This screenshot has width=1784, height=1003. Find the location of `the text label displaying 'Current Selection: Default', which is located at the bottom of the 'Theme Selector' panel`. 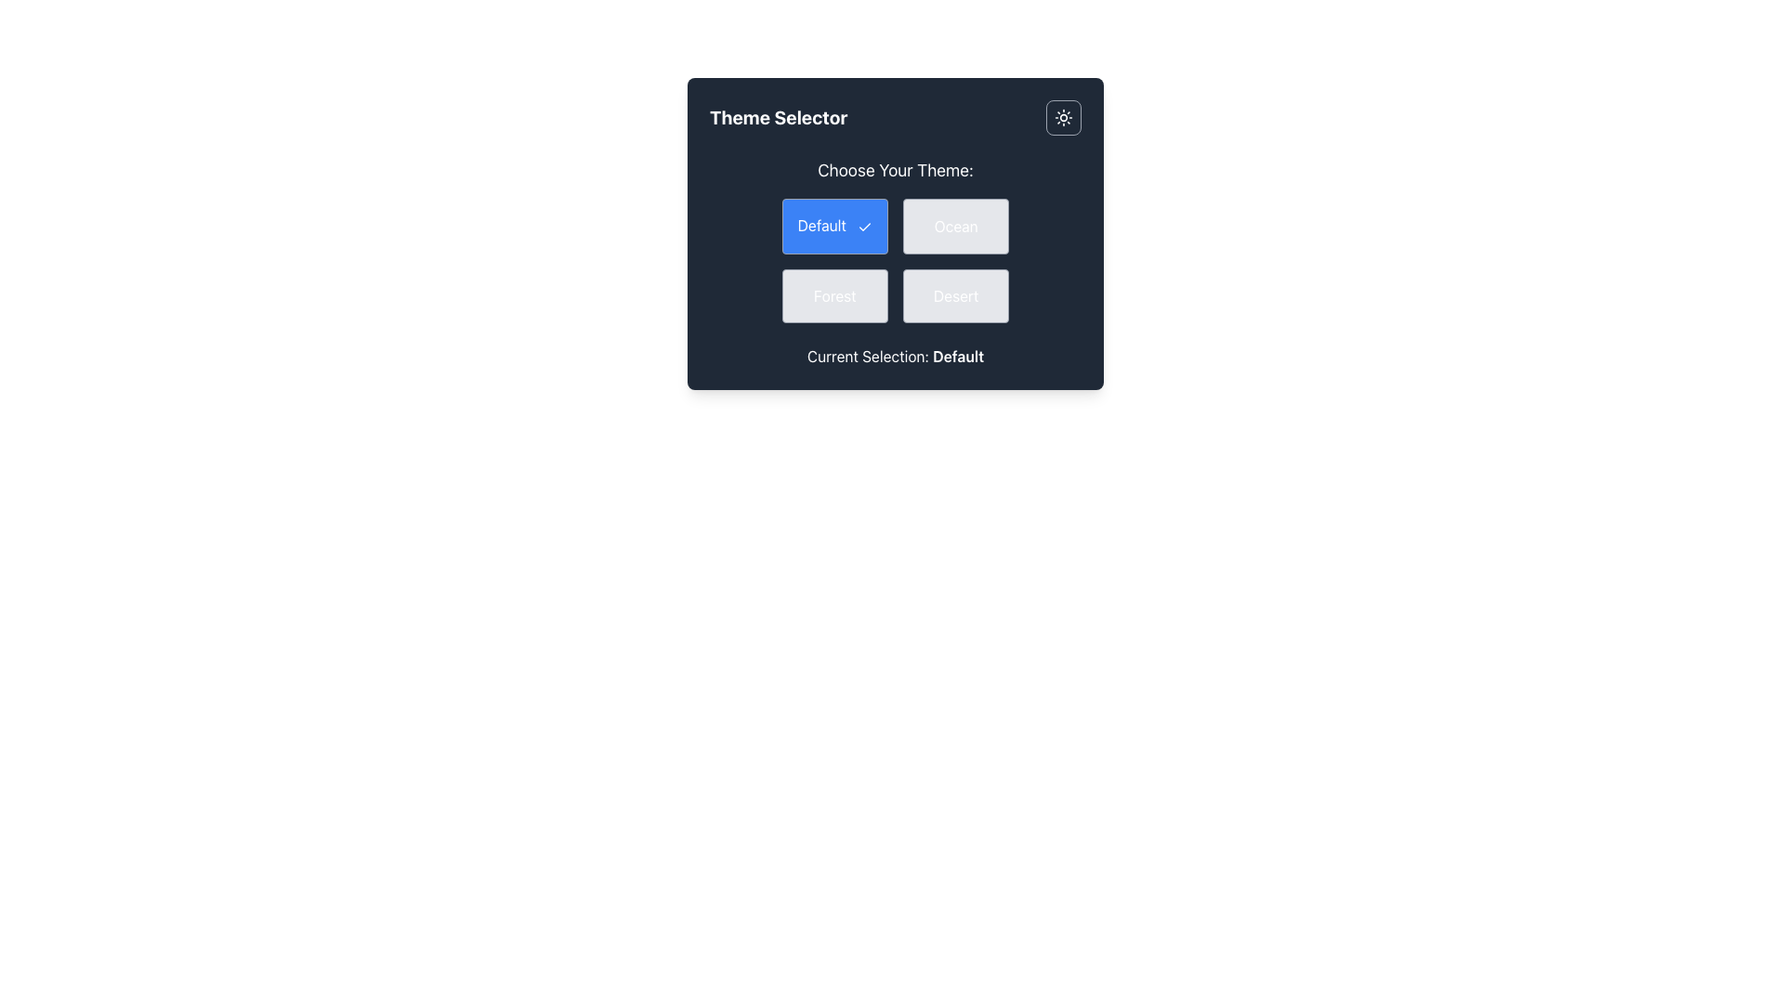

the text label displaying 'Current Selection: Default', which is located at the bottom of the 'Theme Selector' panel is located at coordinates (896, 355).